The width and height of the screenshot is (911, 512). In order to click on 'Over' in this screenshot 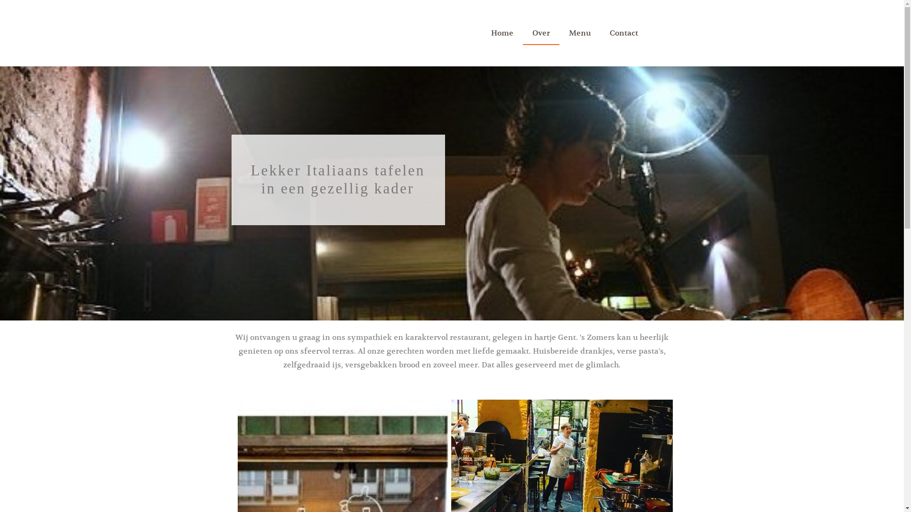, I will do `click(541, 33)`.